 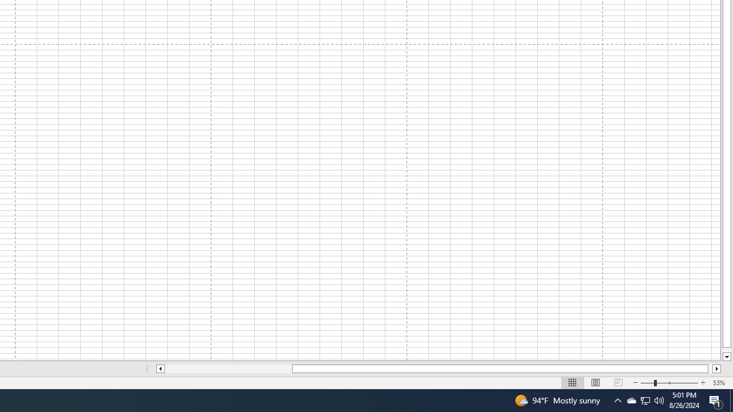 I want to click on 'Column right', so click(x=716, y=369).